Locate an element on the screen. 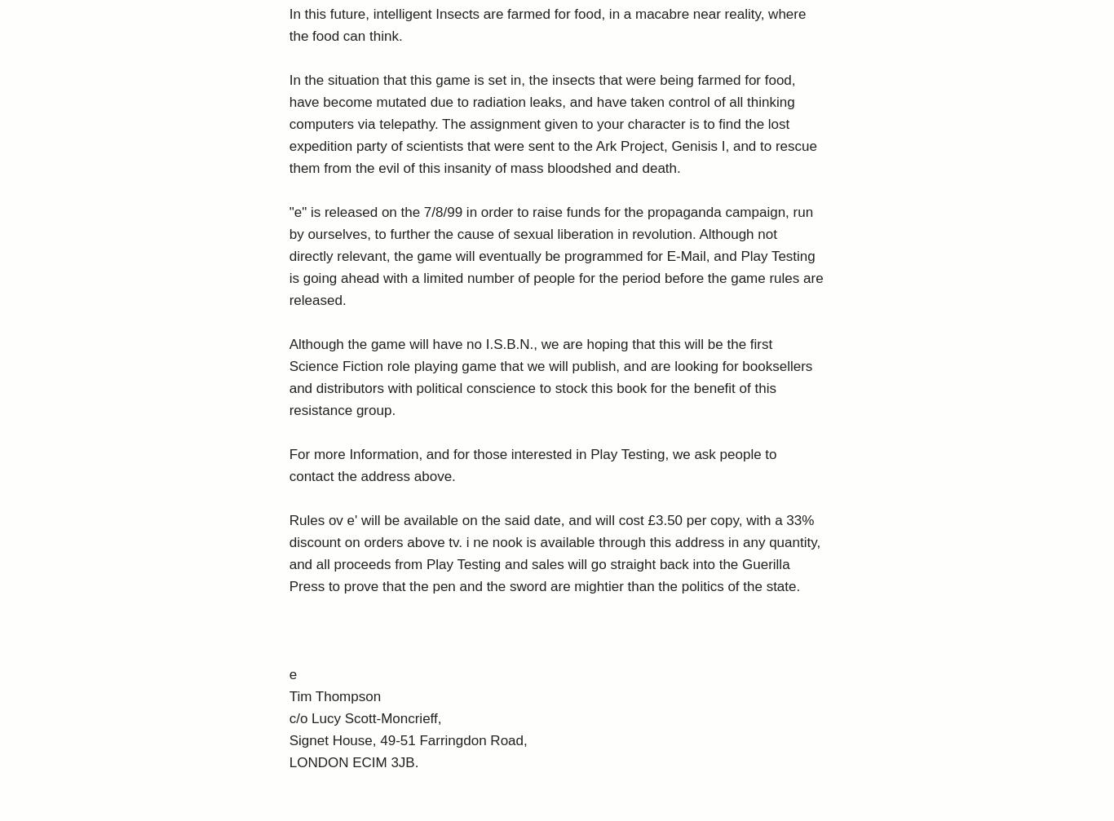  'In the situation that this game is set in, the insects that were
        being farmed for food, have become mutated due to
        radiation leaks, and have taken control of all thinking
        computers via telepathy. The assignment given to your
        character is to find the lost expedition party of
        scientists that were sent to the Ark Project,
        Genisis I, and to rescue them from the evil of this insanity of mass bloodshed and death.' is located at coordinates (551, 124).